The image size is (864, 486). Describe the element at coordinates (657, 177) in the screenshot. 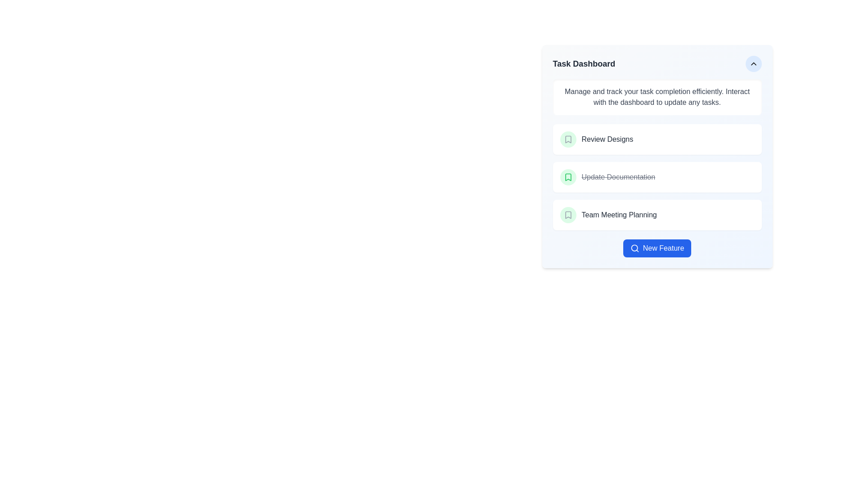

I see `the second task item in the task management dashboard which is styled with a strikethrough to indicate completion` at that location.